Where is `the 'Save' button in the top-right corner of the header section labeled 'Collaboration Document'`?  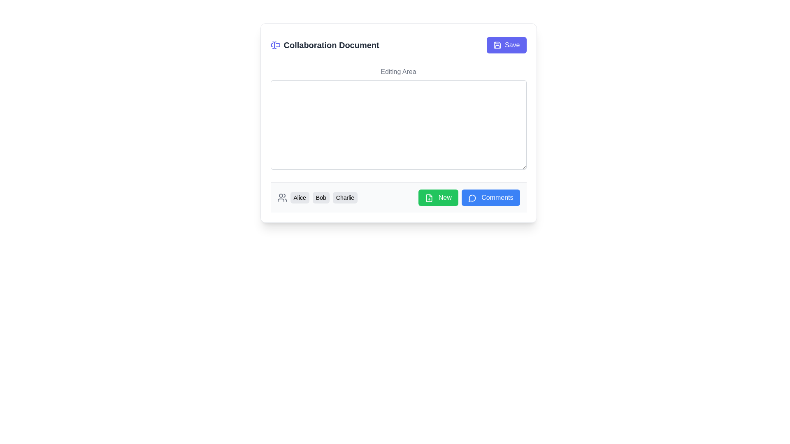 the 'Save' button in the top-right corner of the header section labeled 'Collaboration Document' is located at coordinates (506, 45).